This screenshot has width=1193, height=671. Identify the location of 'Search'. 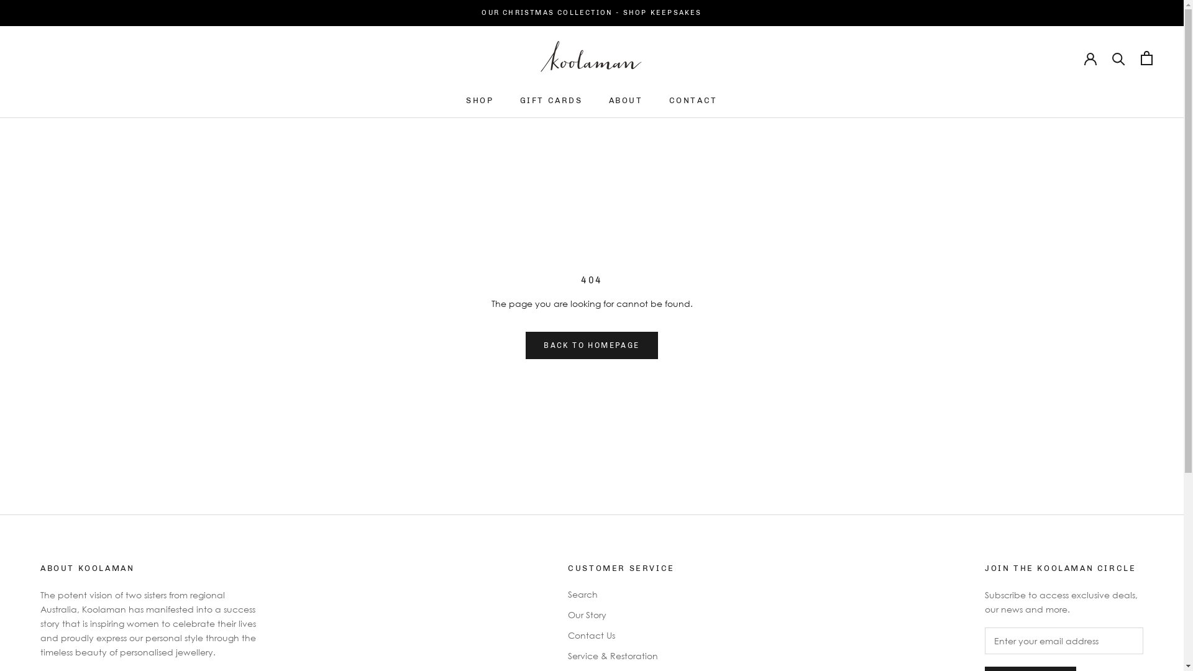
(567, 593).